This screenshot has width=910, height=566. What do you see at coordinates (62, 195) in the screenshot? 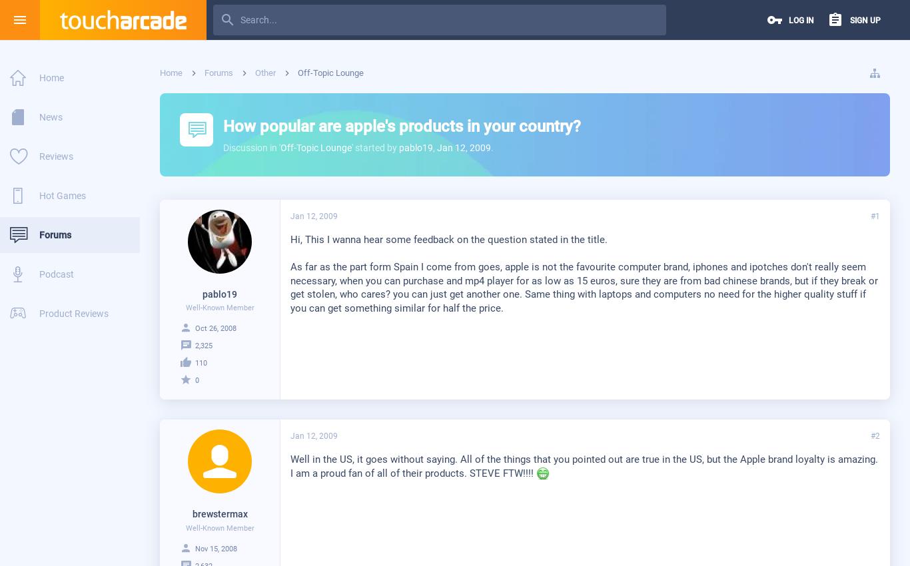
I see `'Hot Games'` at bounding box center [62, 195].